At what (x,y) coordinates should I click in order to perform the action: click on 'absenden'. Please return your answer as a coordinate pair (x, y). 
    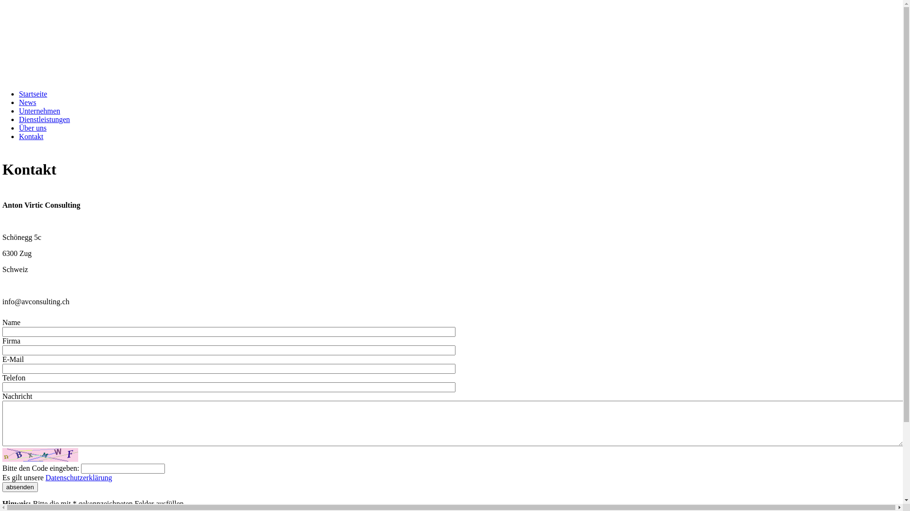
    Looking at the image, I should click on (2, 487).